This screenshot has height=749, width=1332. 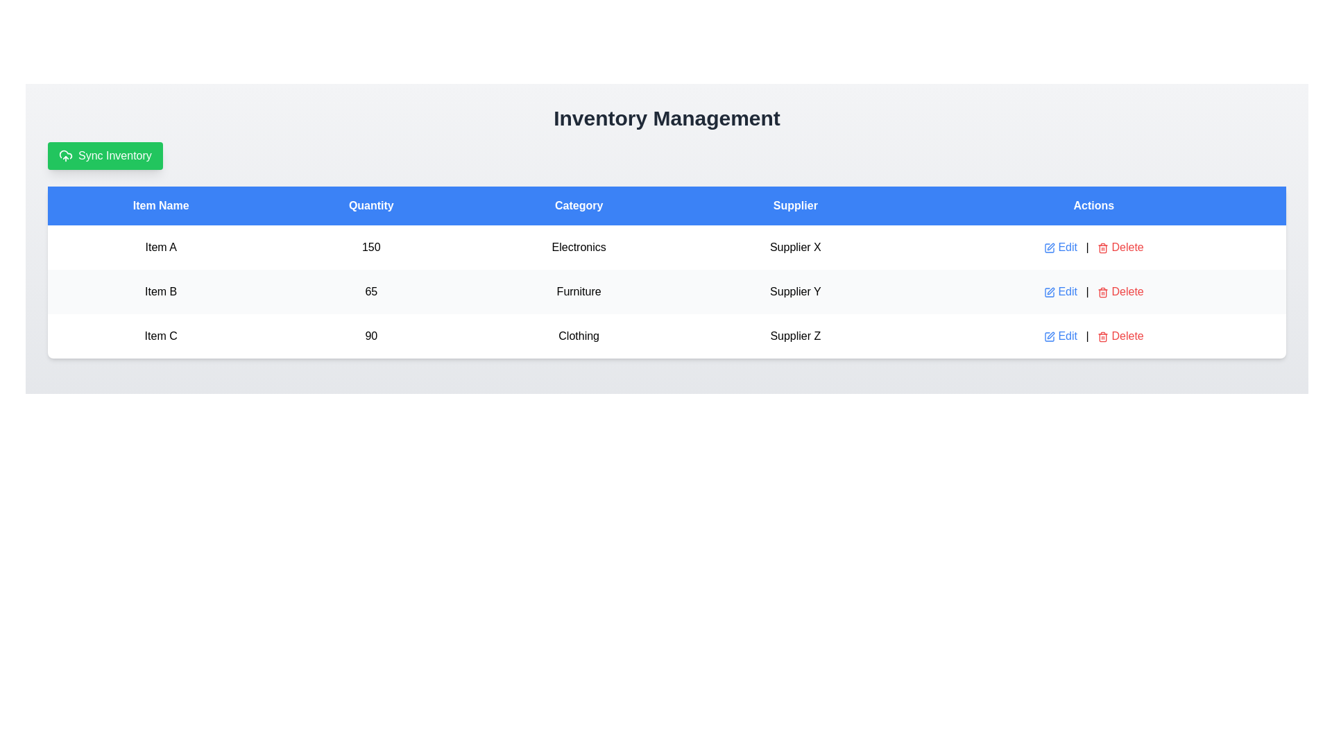 I want to click on the centrally-aligned text displaying '90' in bold black font, located in the 'Quantity' column of the 'Item C' row, so click(x=371, y=336).